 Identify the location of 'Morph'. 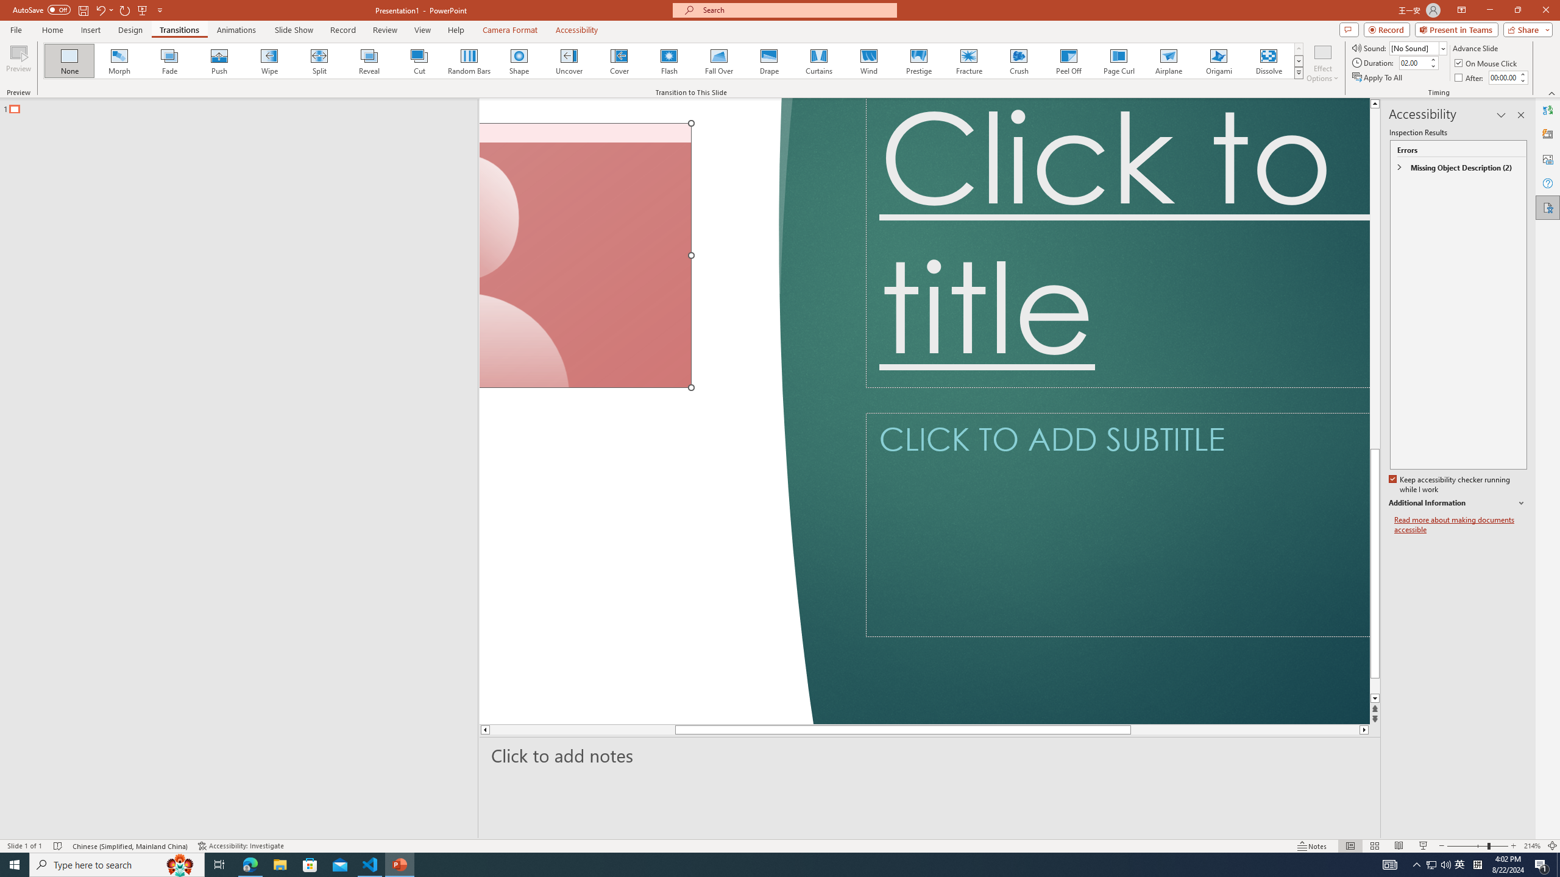
(119, 60).